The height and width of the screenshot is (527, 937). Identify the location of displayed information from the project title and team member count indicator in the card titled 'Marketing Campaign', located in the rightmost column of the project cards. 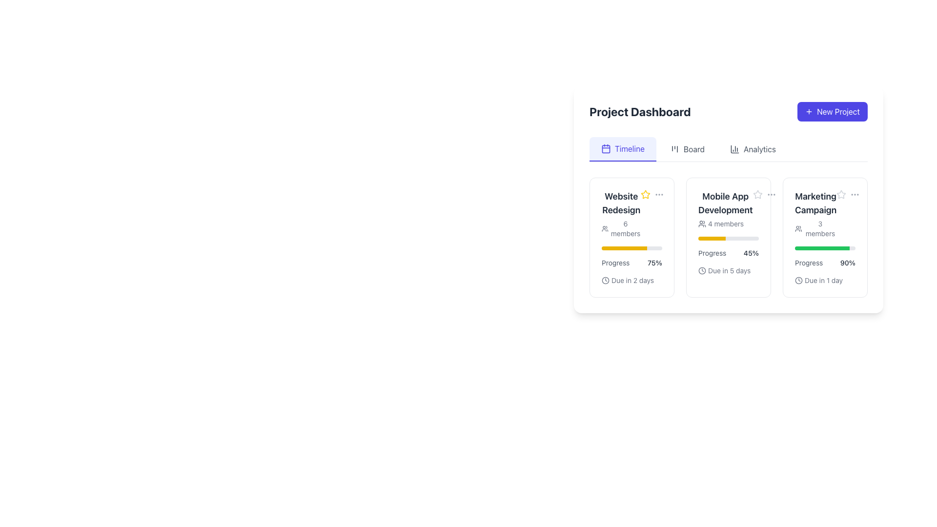
(815, 214).